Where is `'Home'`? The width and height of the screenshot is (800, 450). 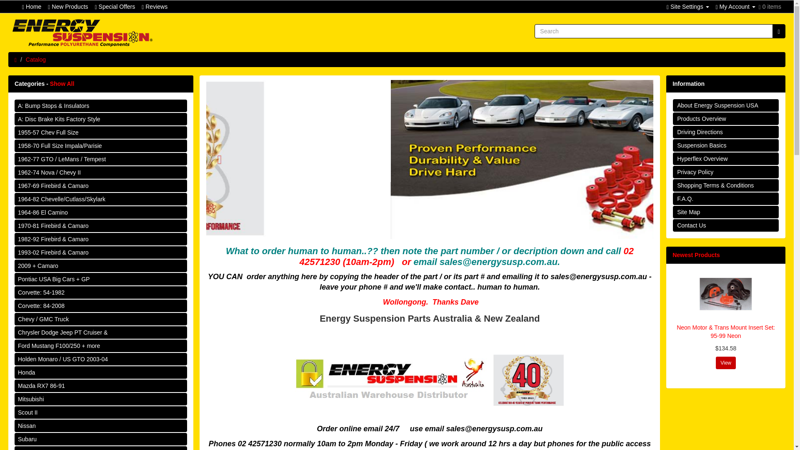 'Home' is located at coordinates (32, 6).